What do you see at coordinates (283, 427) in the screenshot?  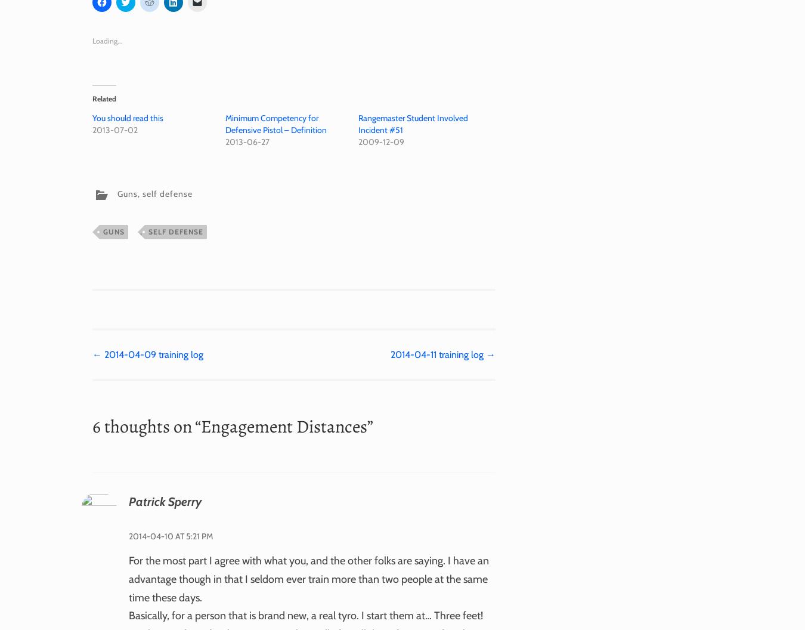 I see `'Engagement Distances'` at bounding box center [283, 427].